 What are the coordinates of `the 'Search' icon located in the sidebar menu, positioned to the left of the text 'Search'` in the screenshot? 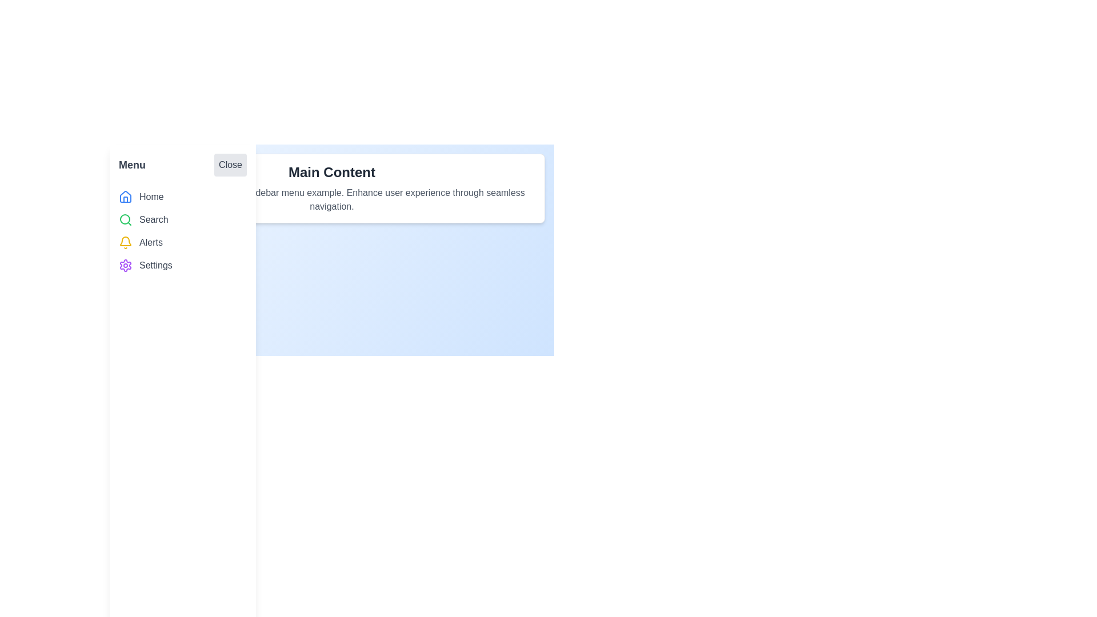 It's located at (126, 220).